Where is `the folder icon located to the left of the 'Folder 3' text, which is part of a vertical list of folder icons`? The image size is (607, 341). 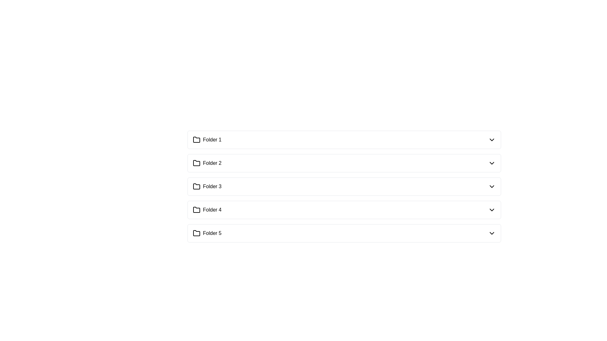 the folder icon located to the left of the 'Folder 3' text, which is part of a vertical list of folder icons is located at coordinates (196, 186).